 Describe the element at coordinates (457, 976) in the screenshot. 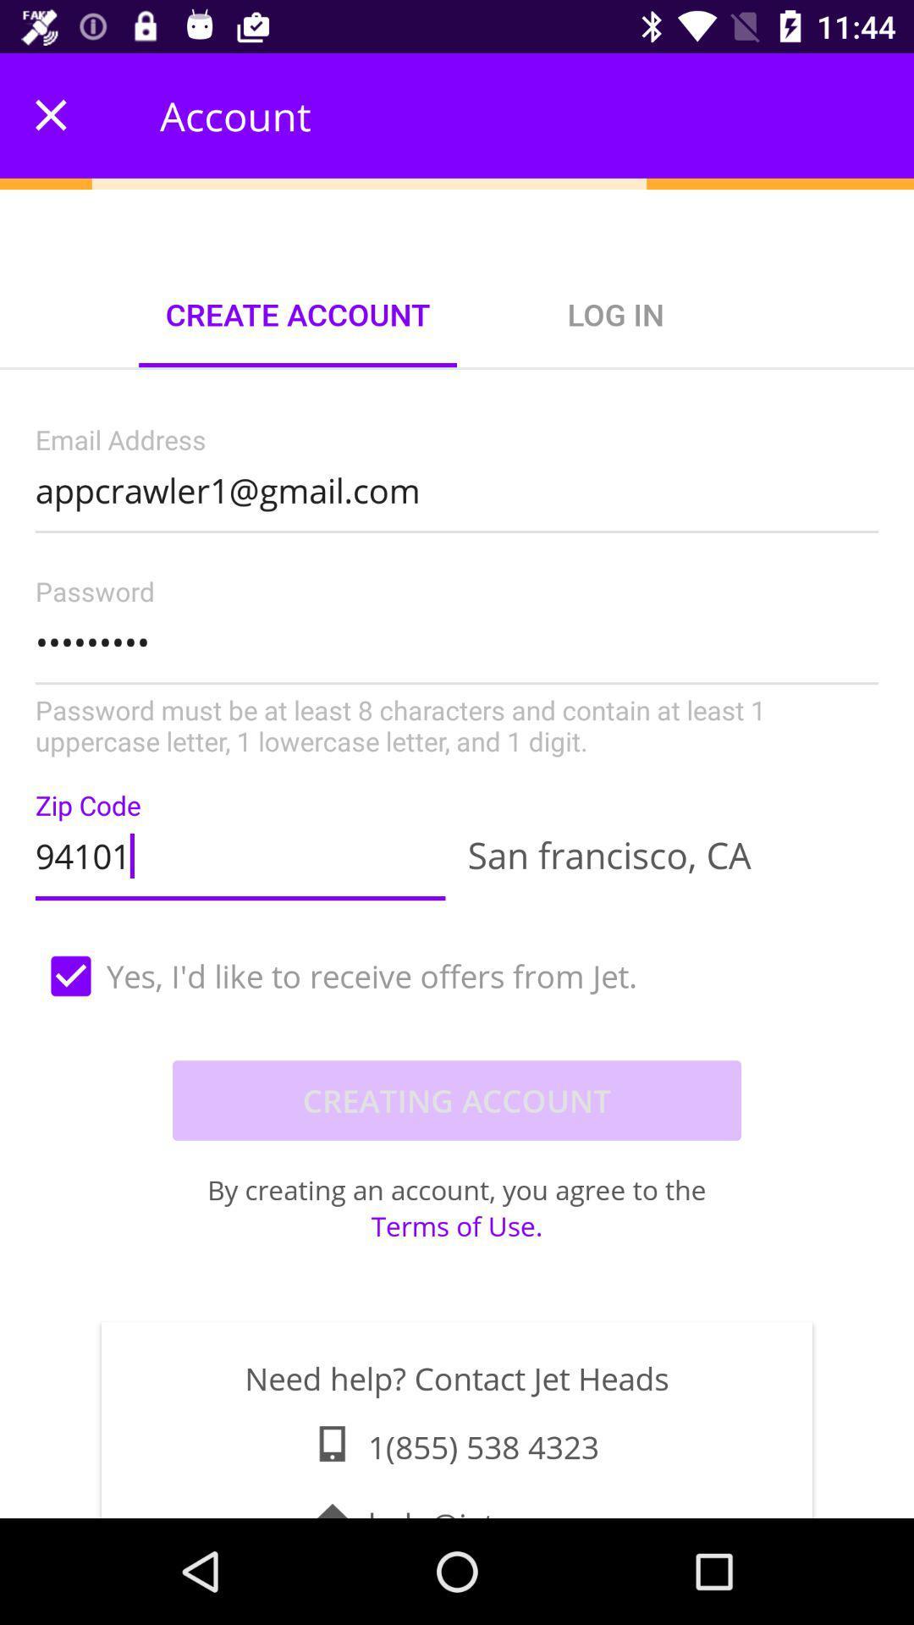

I see `icon below the 94101` at that location.